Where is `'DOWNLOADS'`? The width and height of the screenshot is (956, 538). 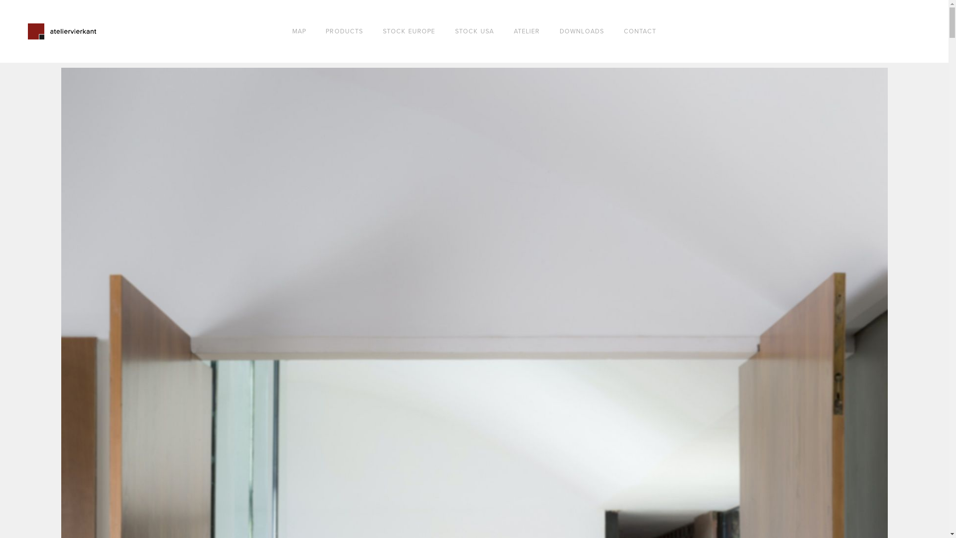
'DOWNLOADS' is located at coordinates (582, 31).